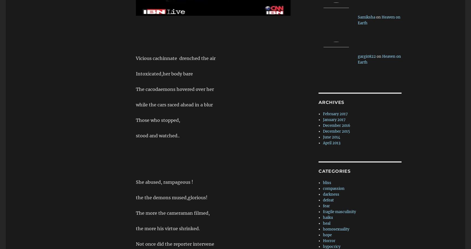 This screenshot has width=471, height=249. I want to click on 'haiku', so click(328, 217).